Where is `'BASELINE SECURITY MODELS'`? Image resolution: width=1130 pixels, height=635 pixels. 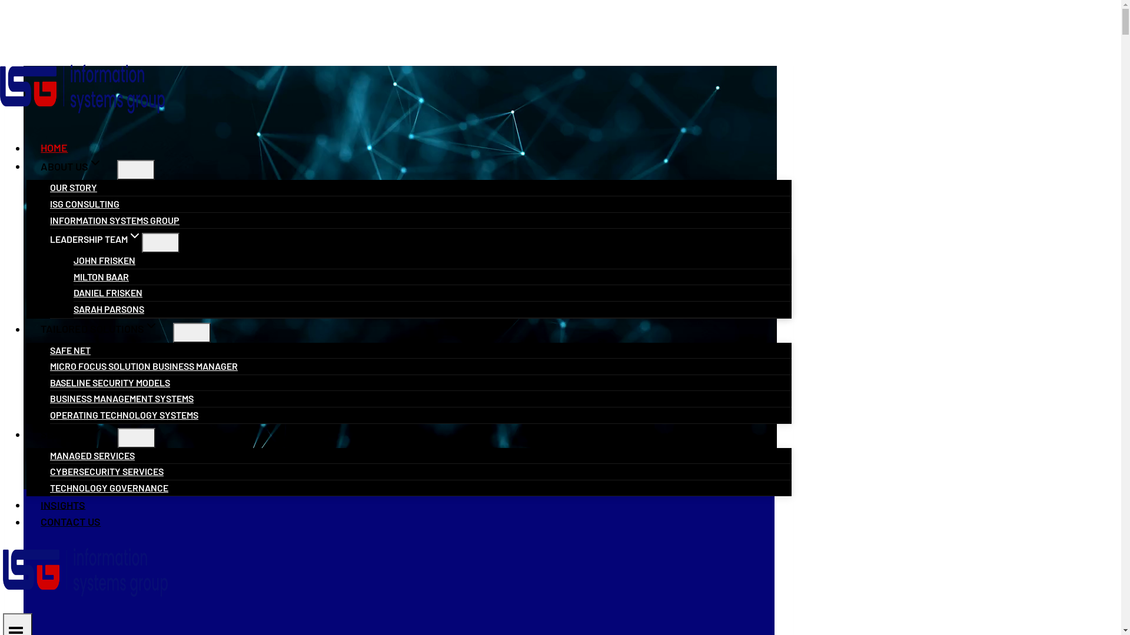
'BASELINE SECURITY MODELS' is located at coordinates (110, 382).